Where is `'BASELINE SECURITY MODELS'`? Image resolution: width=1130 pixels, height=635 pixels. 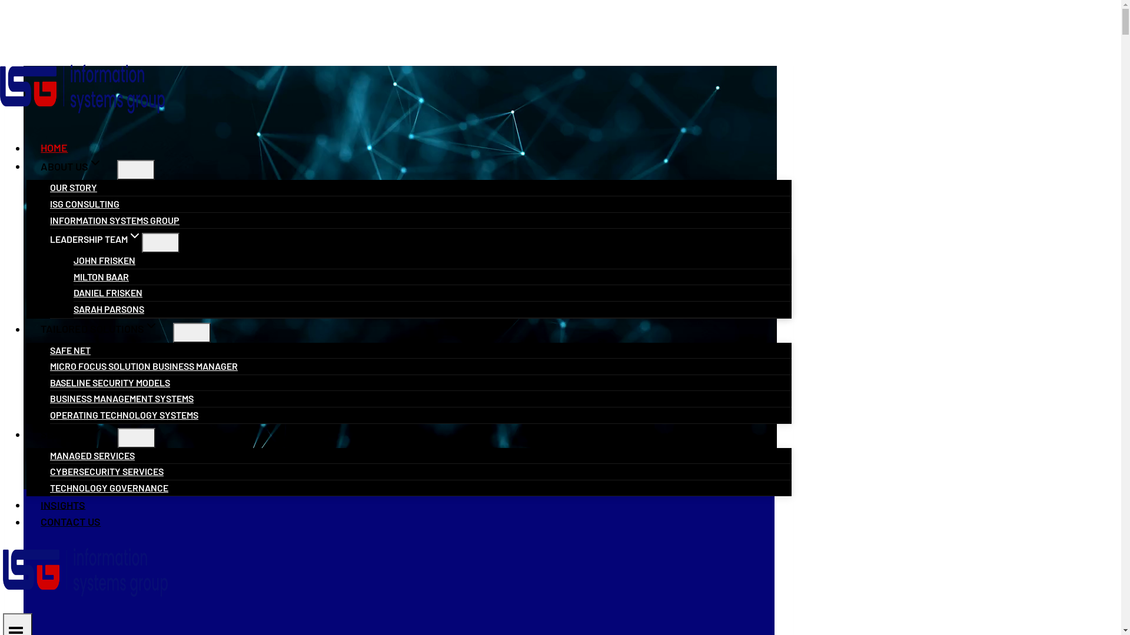
'BASELINE SECURITY MODELS' is located at coordinates (110, 382).